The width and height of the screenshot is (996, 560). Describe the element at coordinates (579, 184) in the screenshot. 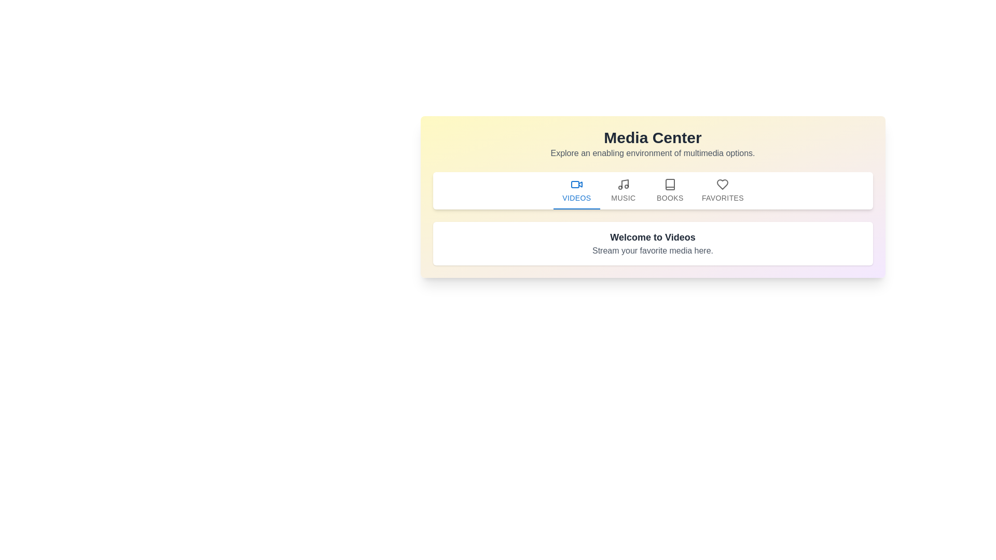

I see `the triangular play button icon located within the video camera icon in the 'VIDEOS' tab` at that location.